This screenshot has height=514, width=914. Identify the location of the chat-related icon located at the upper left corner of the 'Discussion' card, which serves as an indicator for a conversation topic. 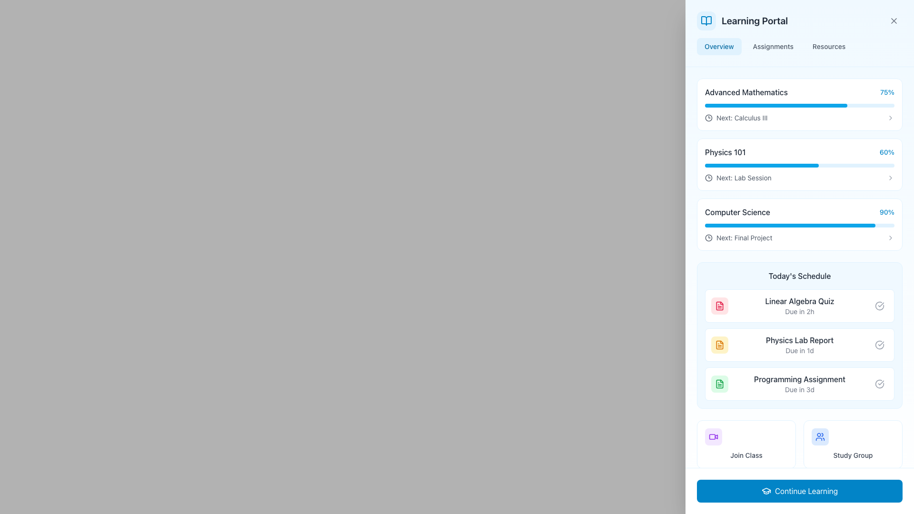
(713, 493).